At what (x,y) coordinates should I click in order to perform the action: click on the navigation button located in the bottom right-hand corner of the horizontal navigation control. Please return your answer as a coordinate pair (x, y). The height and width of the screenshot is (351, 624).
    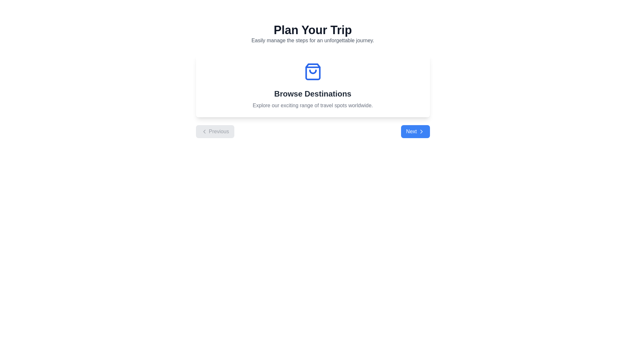
    Looking at the image, I should click on (415, 132).